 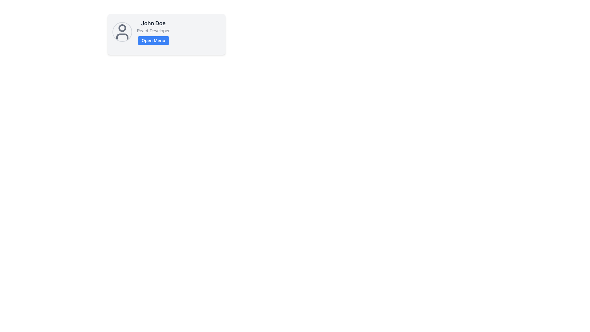 What do you see at coordinates (122, 32) in the screenshot?
I see `the Circular Profile Placeholder or Avatar element, which is a circular component with a gray border and a user icon, located to the left of the user details for 'John Doe'` at bounding box center [122, 32].